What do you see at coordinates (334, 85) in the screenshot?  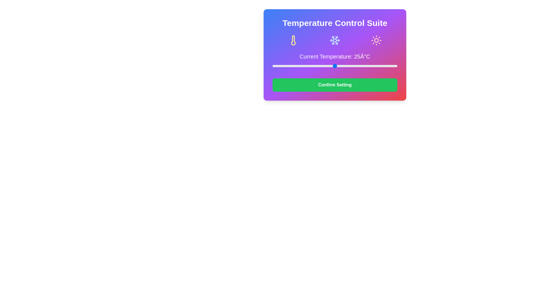 I see `'Confirm Setting' button to confirm the temperature setting` at bounding box center [334, 85].